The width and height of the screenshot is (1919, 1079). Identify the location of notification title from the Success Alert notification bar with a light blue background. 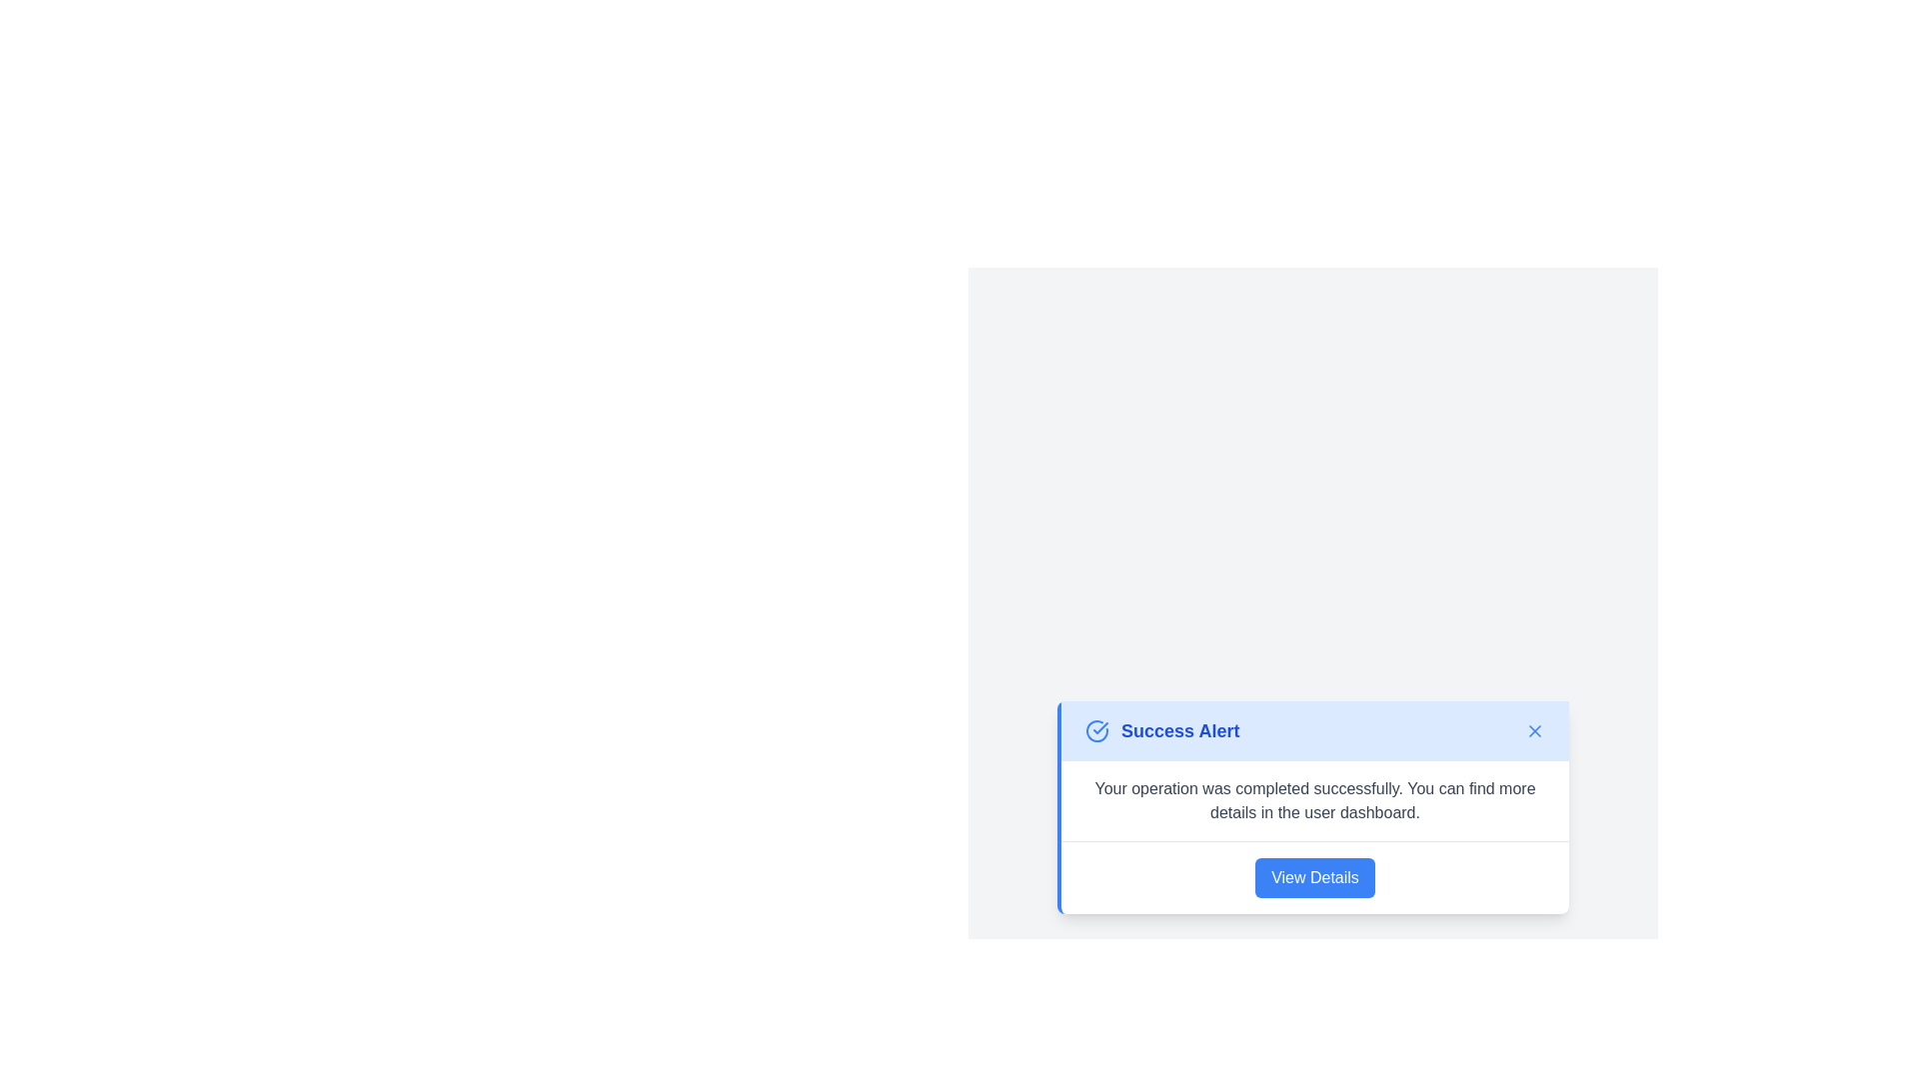
(1314, 730).